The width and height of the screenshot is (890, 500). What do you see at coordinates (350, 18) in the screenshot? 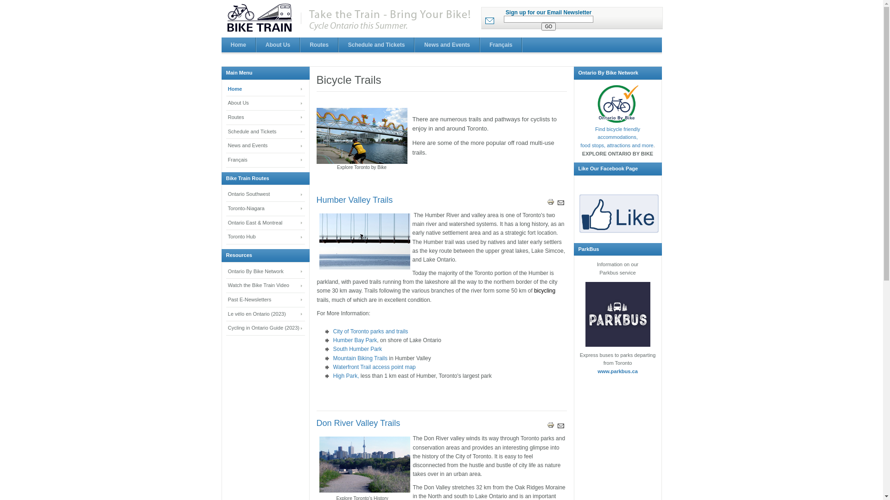
I see `'Bike Train - Cycle Ontario This Summer'` at bounding box center [350, 18].